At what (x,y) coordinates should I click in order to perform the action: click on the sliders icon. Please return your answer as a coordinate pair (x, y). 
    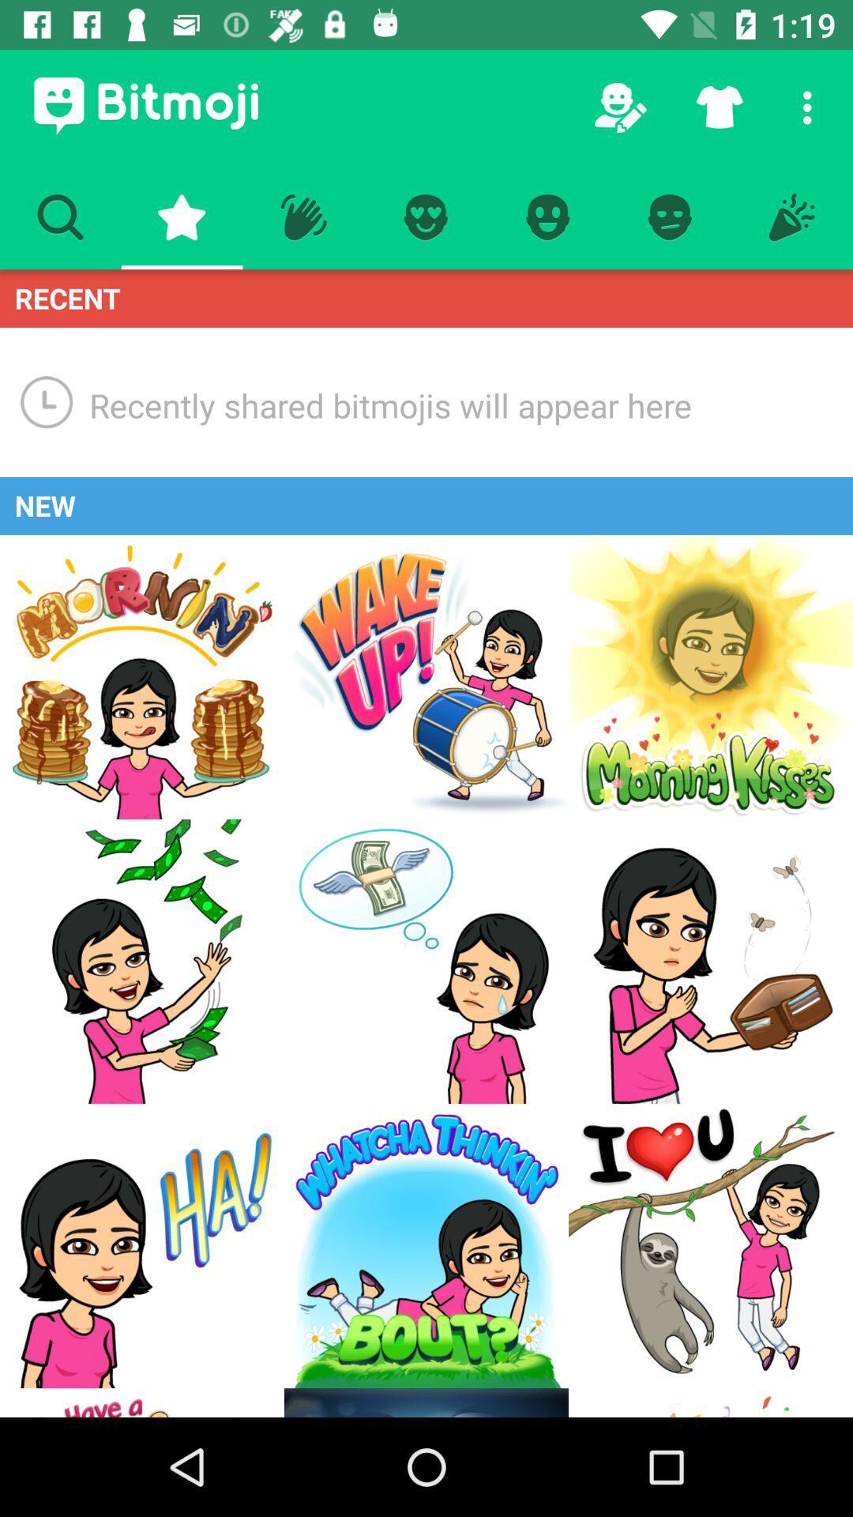
    Looking at the image, I should click on (709, 1402).